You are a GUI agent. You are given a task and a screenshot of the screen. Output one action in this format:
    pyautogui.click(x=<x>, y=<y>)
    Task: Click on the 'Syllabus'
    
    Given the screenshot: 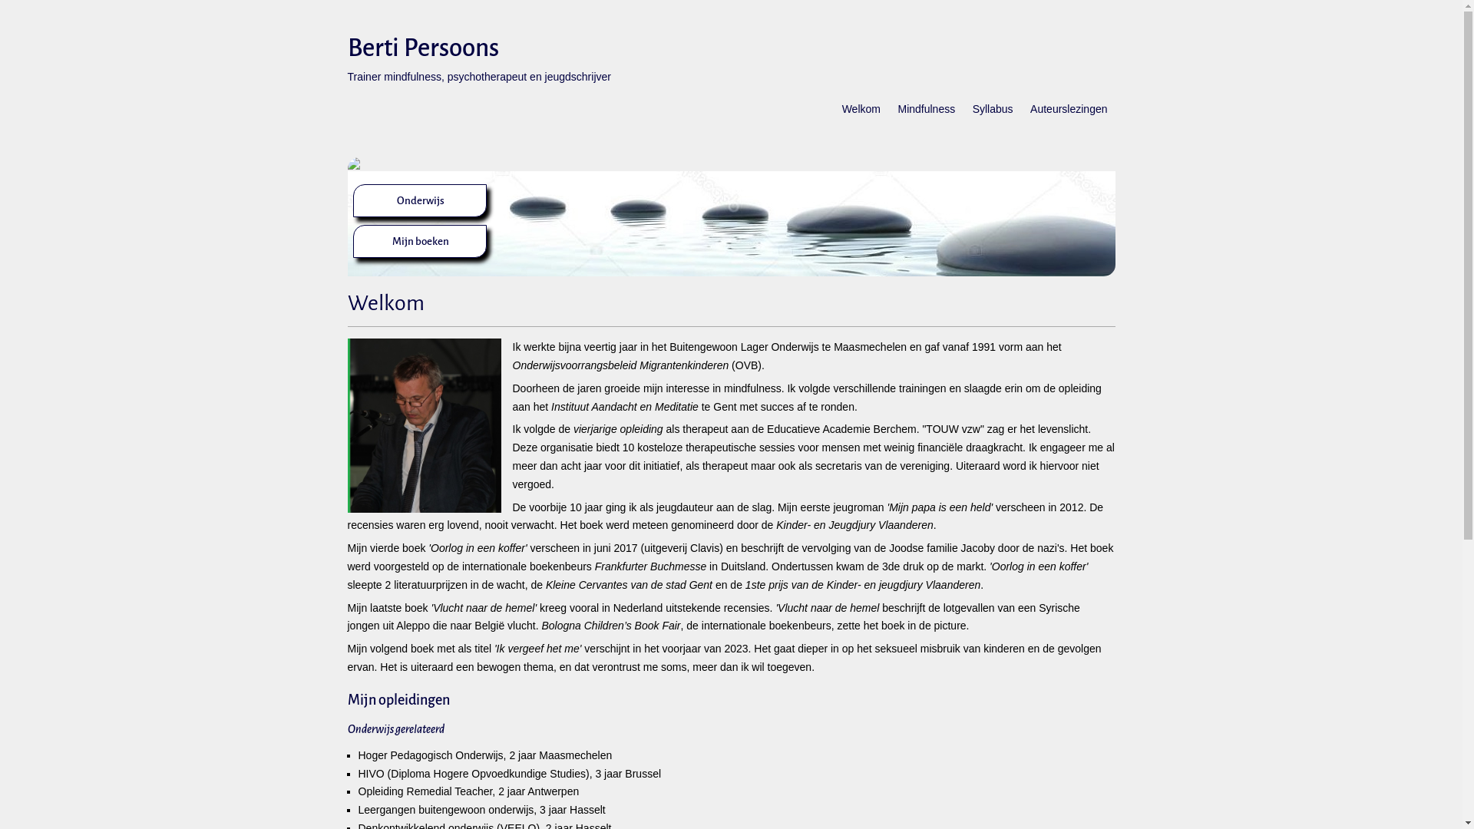 What is the action you would take?
    pyautogui.click(x=993, y=116)
    